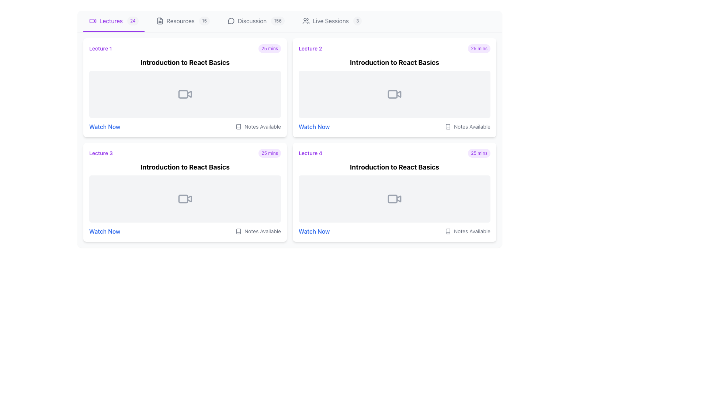 The image size is (708, 398). What do you see at coordinates (447, 126) in the screenshot?
I see `the visual state of the notes icon located in the 'Lecture 2' section, positioned near the 'Notes Available' label, to gather information about the availability of additional materials` at bounding box center [447, 126].